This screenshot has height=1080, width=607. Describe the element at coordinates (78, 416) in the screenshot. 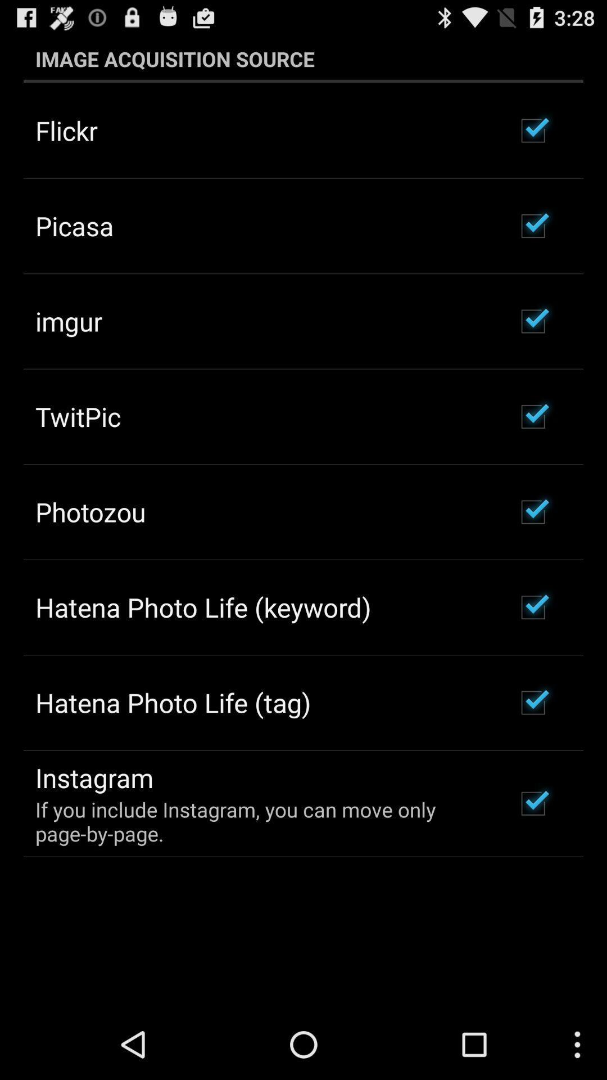

I see `the twitpic icon` at that location.